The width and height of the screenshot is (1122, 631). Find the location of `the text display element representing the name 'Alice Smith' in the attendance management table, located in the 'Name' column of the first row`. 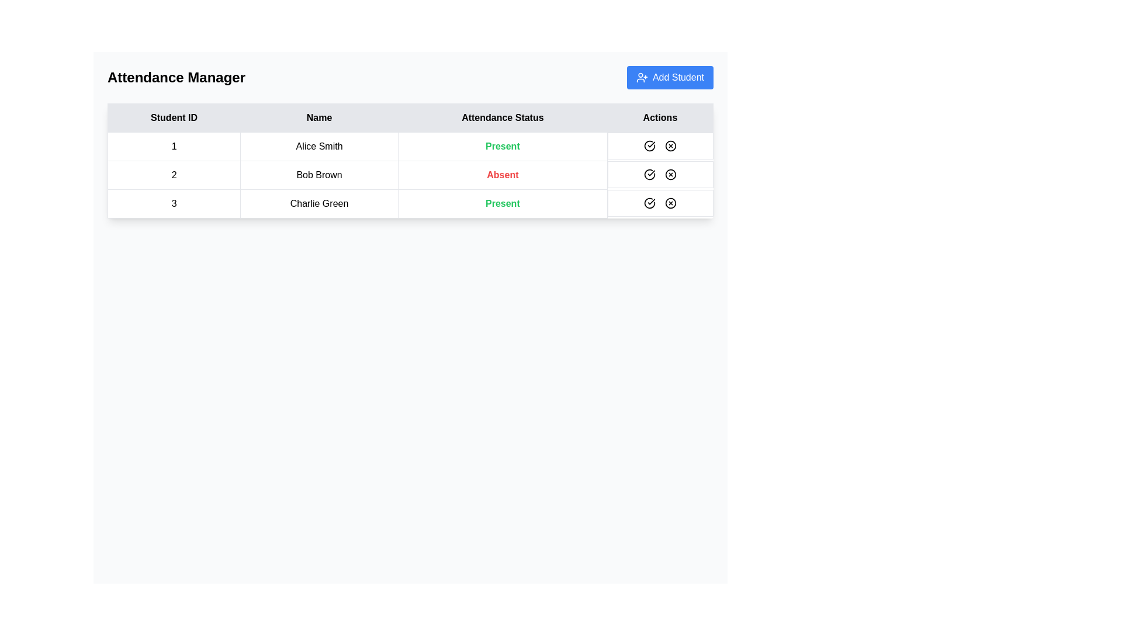

the text display element representing the name 'Alice Smith' in the attendance management table, located in the 'Name' column of the first row is located at coordinates (319, 145).